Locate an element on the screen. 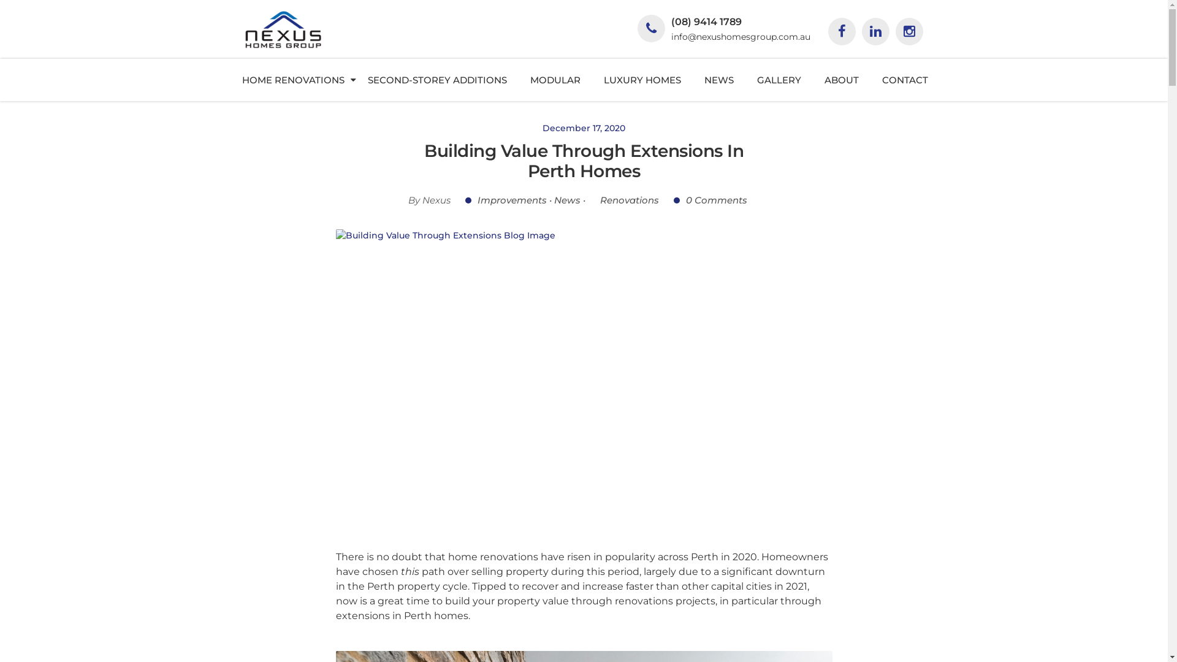  'CONTACT' is located at coordinates (905, 80).